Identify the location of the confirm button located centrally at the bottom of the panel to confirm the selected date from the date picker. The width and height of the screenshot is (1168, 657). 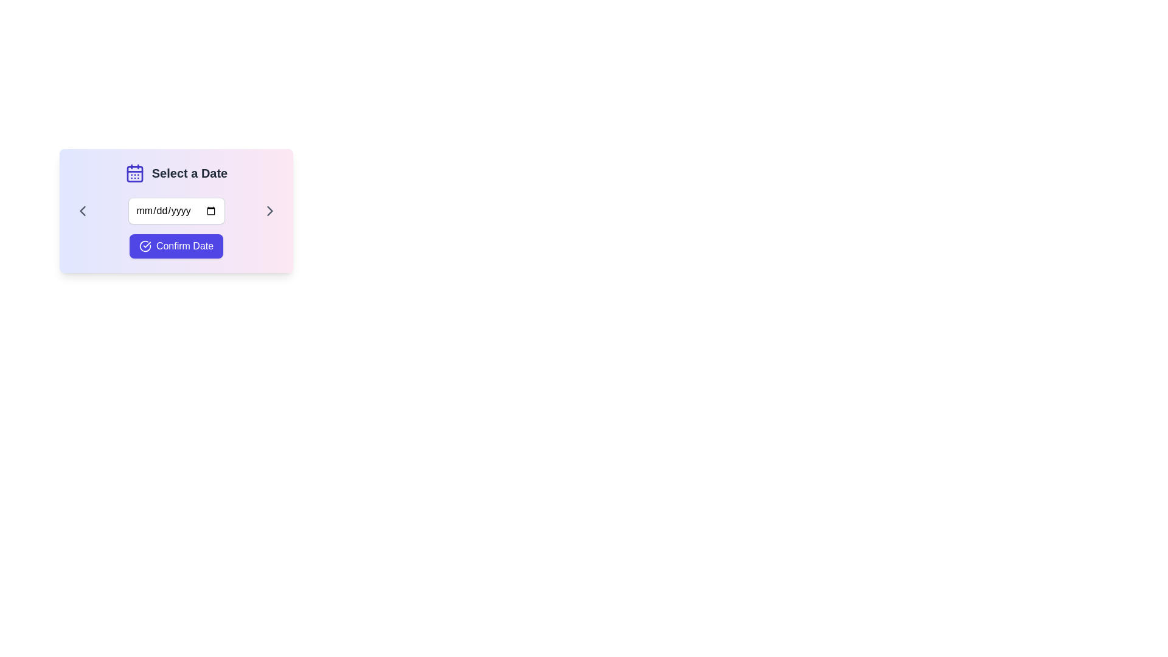
(175, 246).